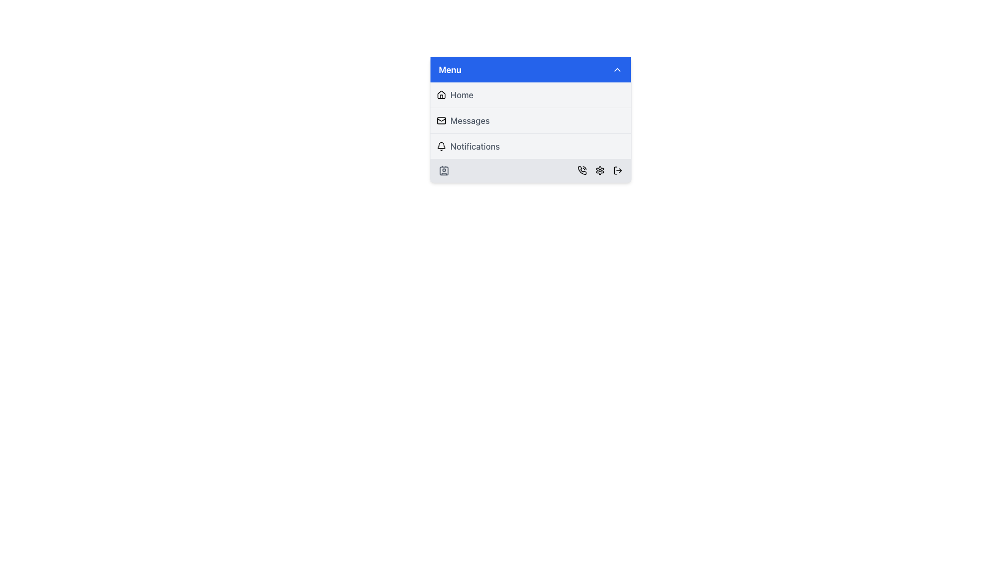 The width and height of the screenshot is (1008, 567). I want to click on text of the 'Notifications' menu item, which is the third entry in the menu list, following 'Home' and 'Messages', so click(475, 146).